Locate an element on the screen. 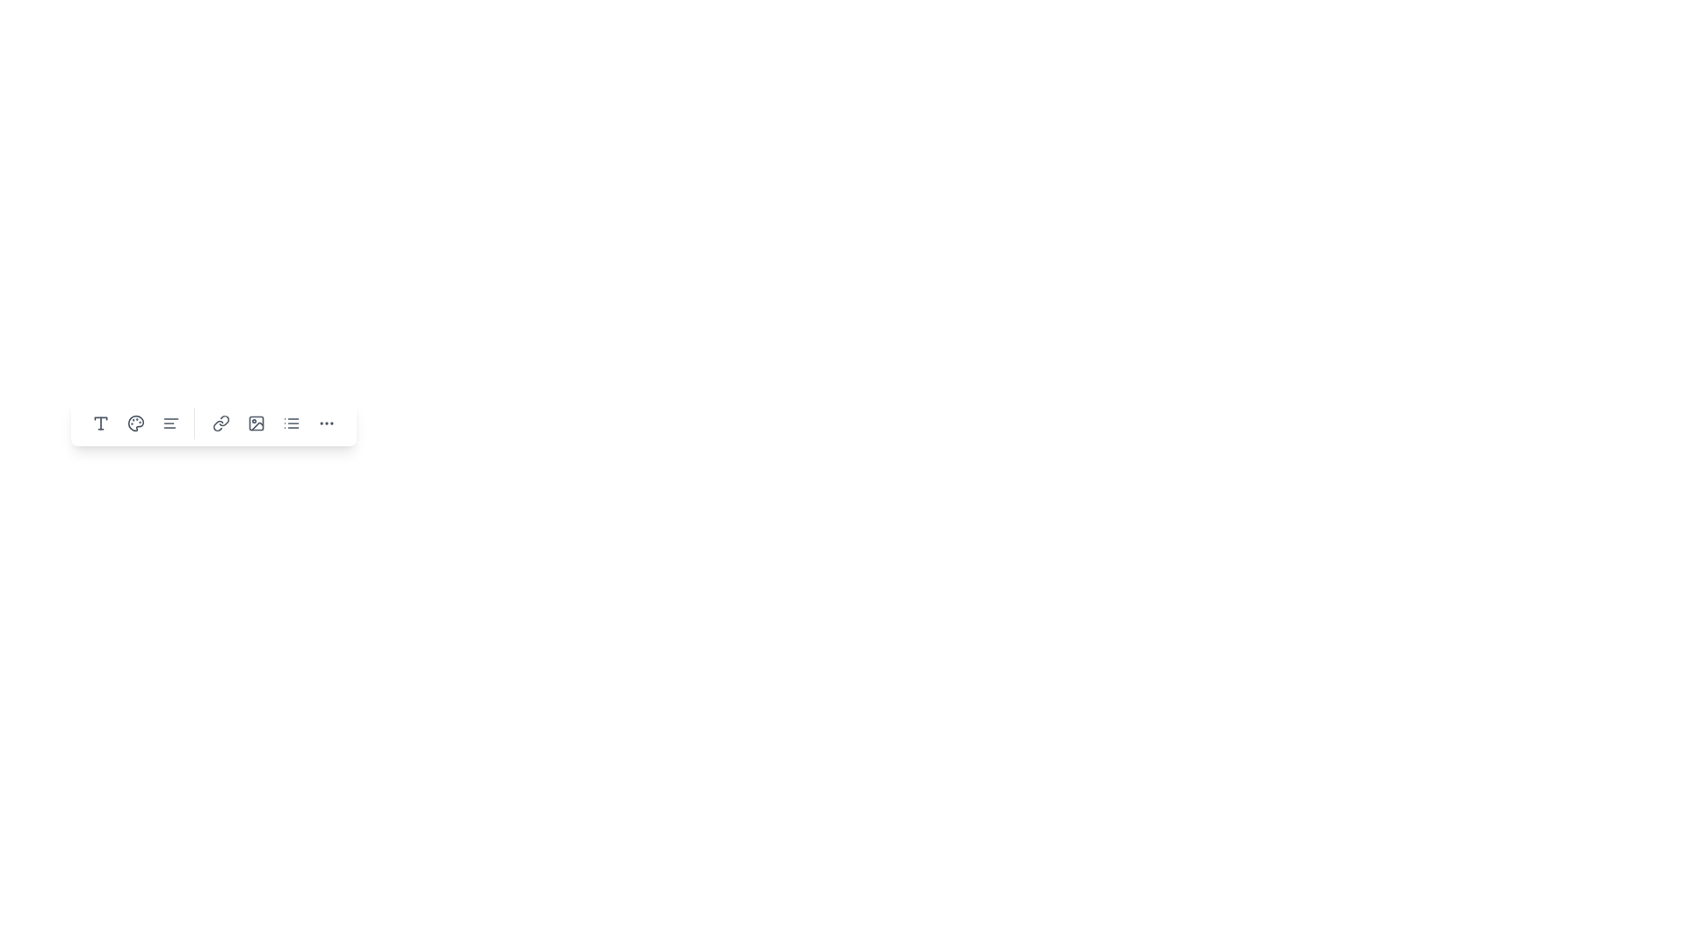  the painter's palette icon located in the menu bar, which is the second icon among a set of interactive icons is located at coordinates (134, 424).